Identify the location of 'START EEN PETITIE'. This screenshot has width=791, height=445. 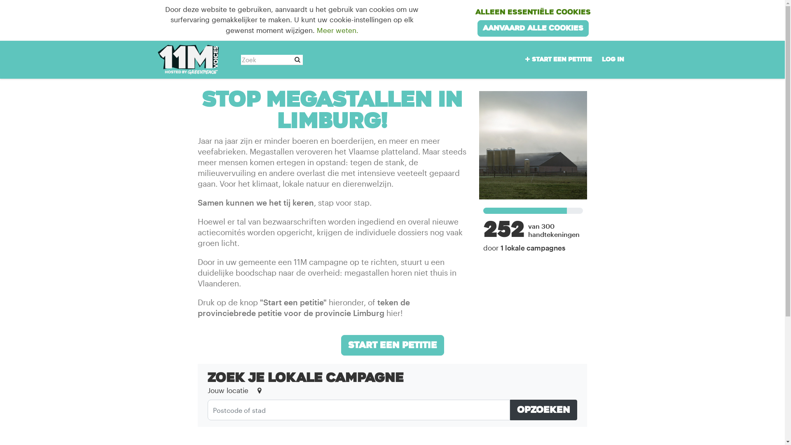
(341, 345).